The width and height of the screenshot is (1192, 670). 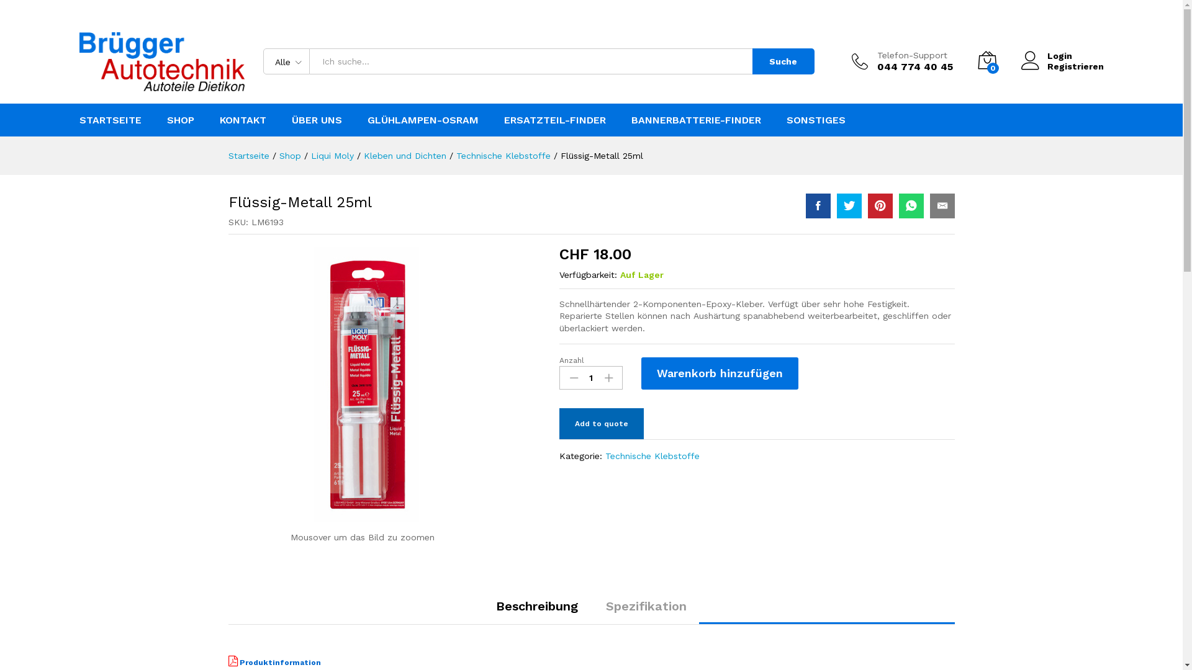 I want to click on 'Spezifikation', so click(x=646, y=605).